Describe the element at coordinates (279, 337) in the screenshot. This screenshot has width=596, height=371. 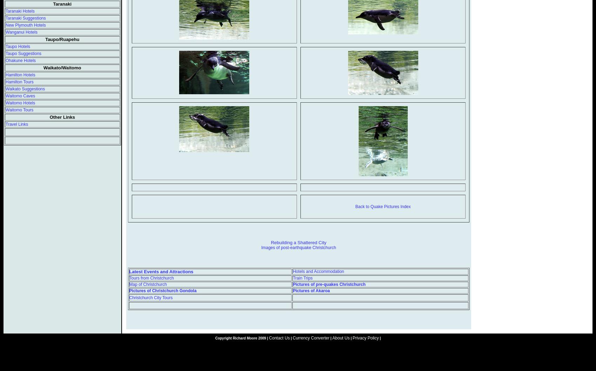
I see `'Contact 
        Us'` at that location.